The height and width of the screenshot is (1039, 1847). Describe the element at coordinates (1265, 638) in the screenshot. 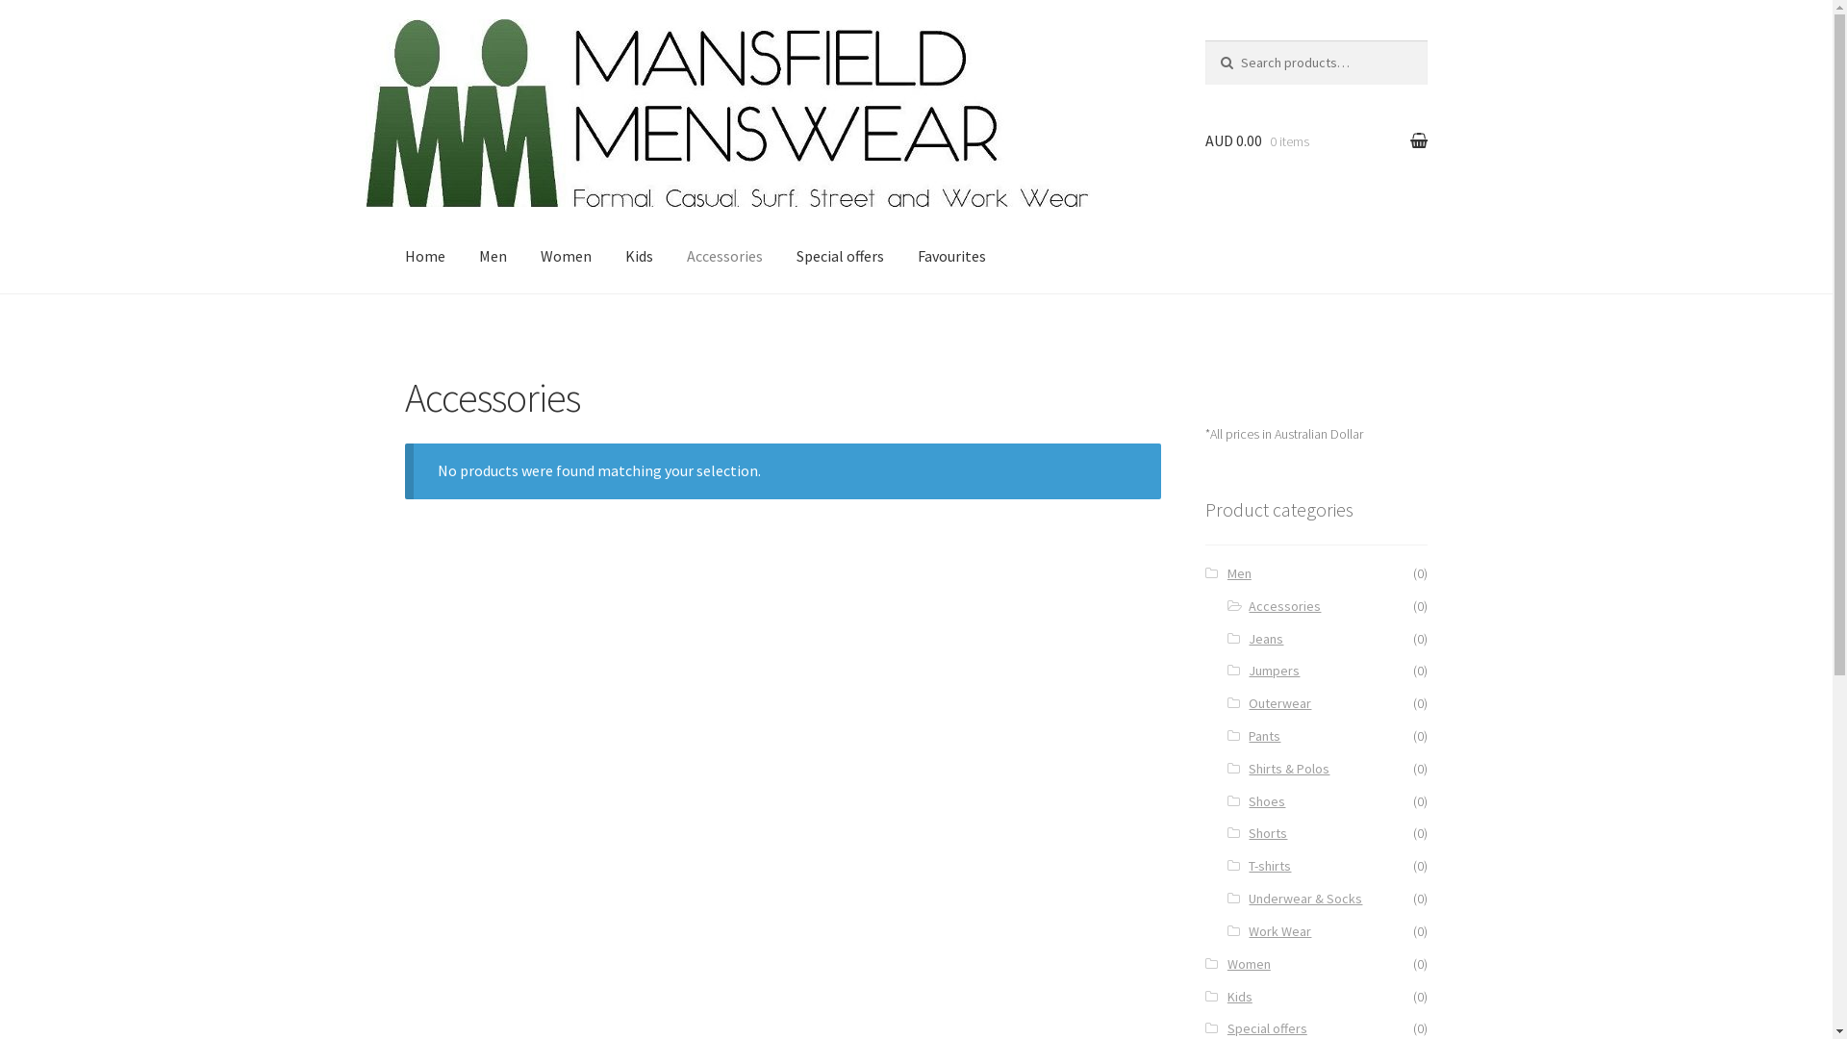

I see `'Jeans'` at that location.